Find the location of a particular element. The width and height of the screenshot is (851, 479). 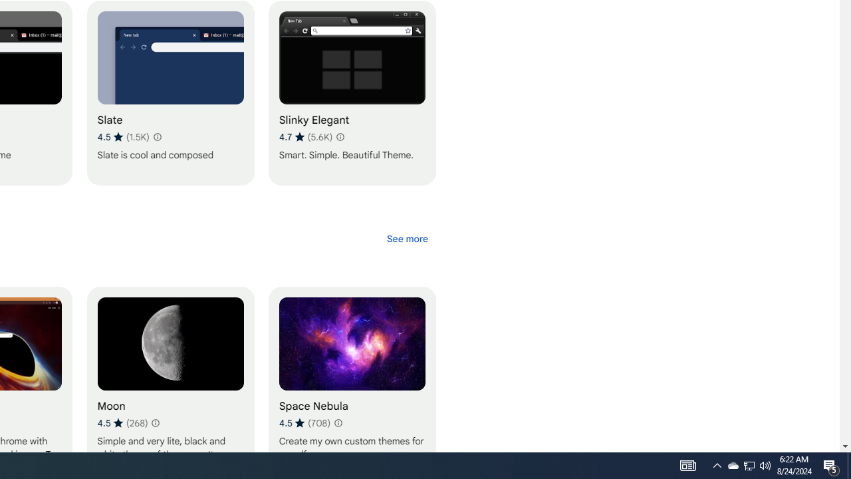

'Learn more about results and reviews "Slinky Elegant"' is located at coordinates (340, 136).